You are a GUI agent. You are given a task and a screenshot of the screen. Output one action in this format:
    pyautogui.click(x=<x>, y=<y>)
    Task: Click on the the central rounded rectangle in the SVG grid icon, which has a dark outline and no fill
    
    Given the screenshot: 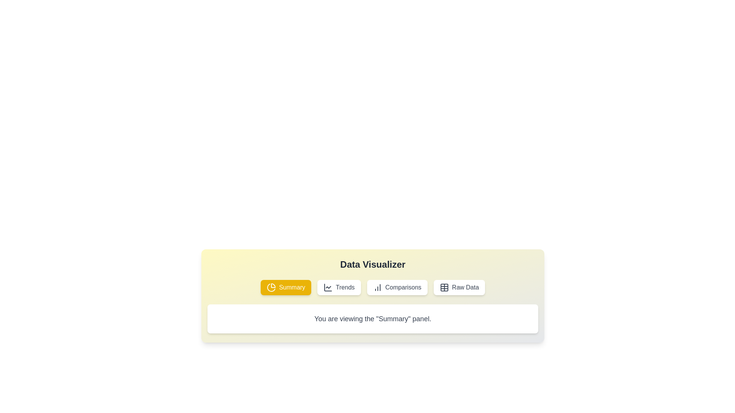 What is the action you would take?
    pyautogui.click(x=444, y=288)
    